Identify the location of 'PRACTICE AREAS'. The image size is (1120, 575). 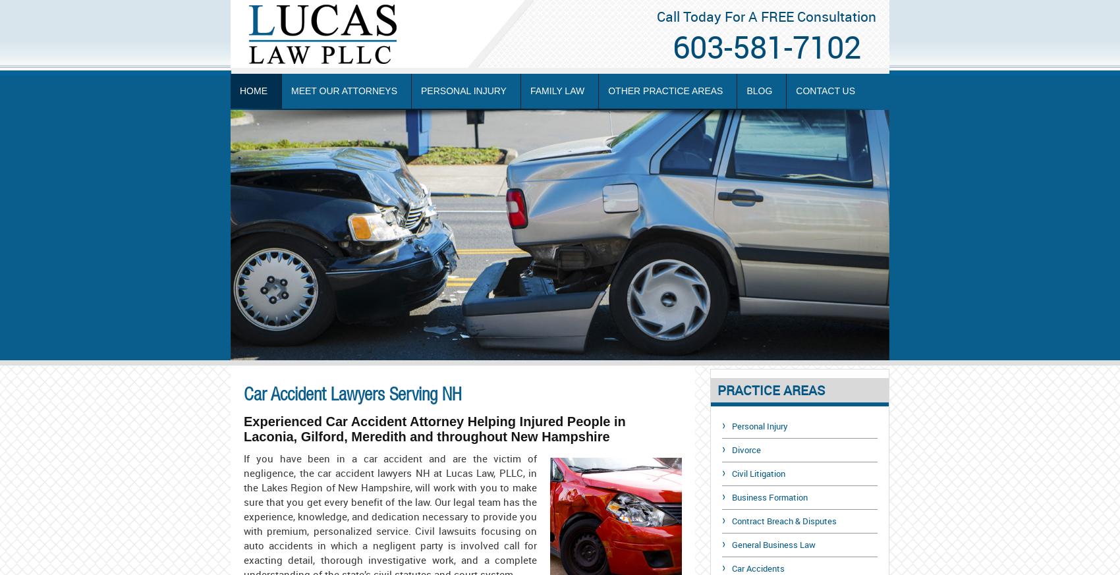
(770, 389).